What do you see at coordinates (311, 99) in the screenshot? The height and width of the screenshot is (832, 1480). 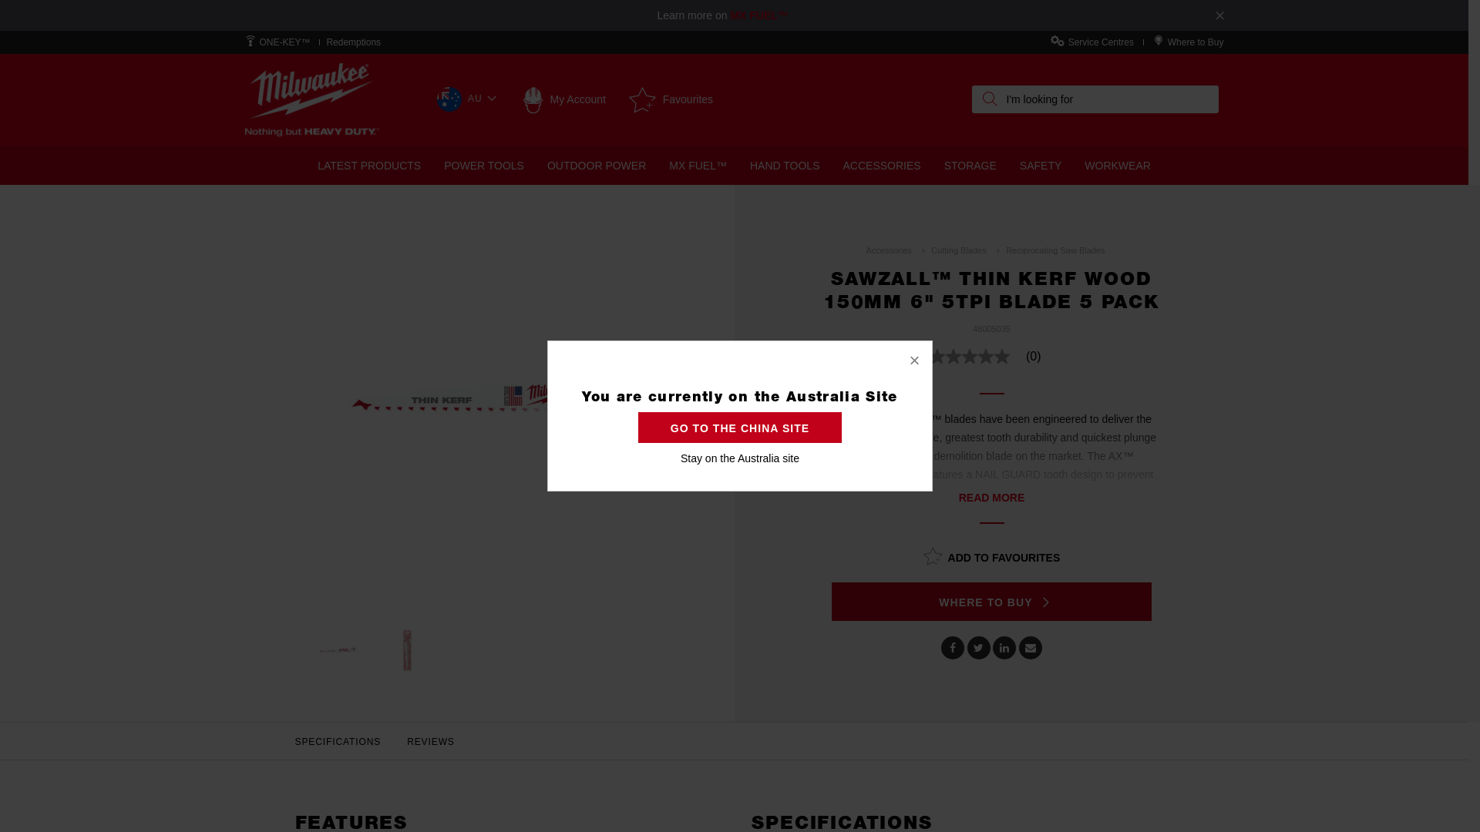 I see `'Milwaukee Tool Australia'` at bounding box center [311, 99].